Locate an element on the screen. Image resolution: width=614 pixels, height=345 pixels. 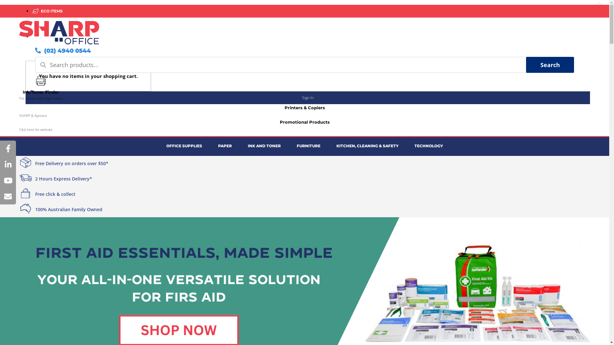
'ECO ITEMS' is located at coordinates (50, 11).